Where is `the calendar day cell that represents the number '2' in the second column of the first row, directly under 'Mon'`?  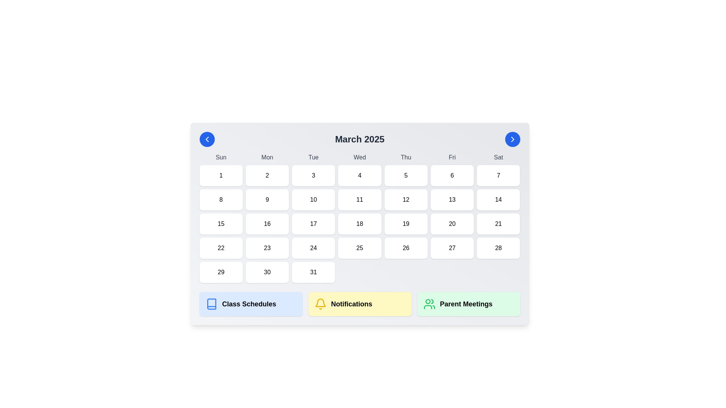
the calendar day cell that represents the number '2' in the second column of the first row, directly under 'Mon' is located at coordinates (267, 176).